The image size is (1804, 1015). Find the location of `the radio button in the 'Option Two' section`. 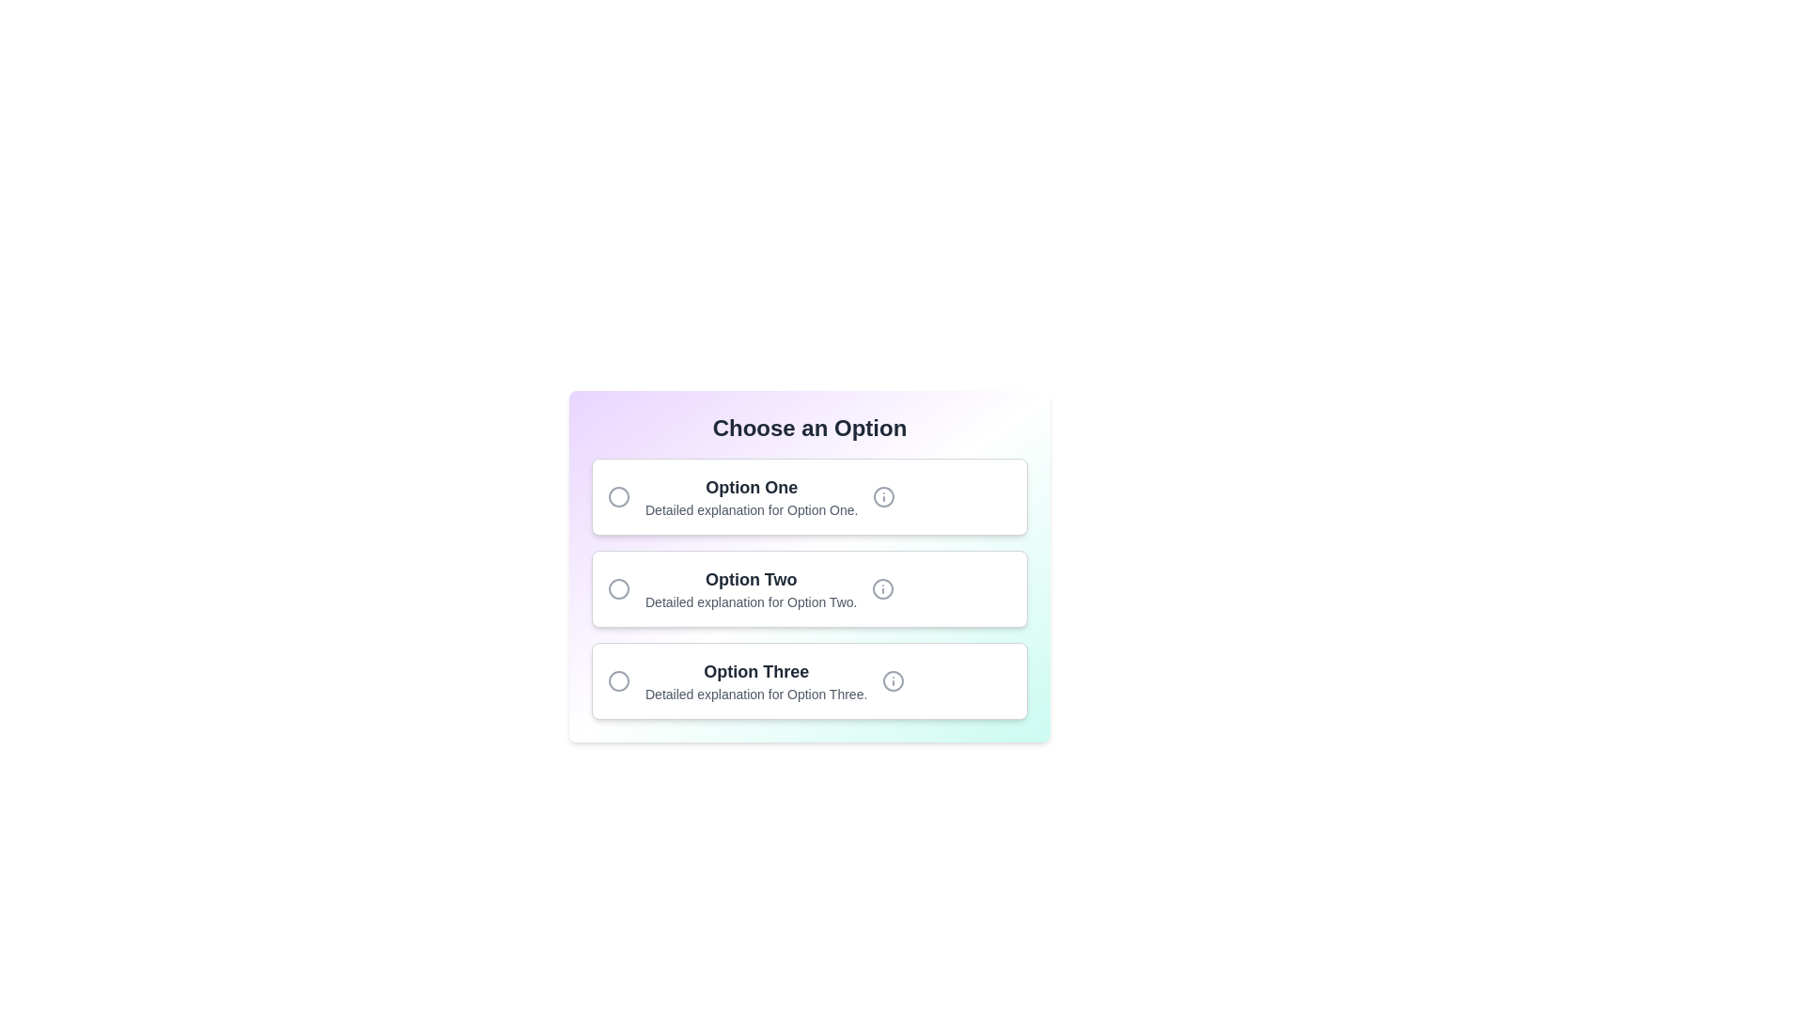

the radio button in the 'Option Two' section is located at coordinates (618, 588).